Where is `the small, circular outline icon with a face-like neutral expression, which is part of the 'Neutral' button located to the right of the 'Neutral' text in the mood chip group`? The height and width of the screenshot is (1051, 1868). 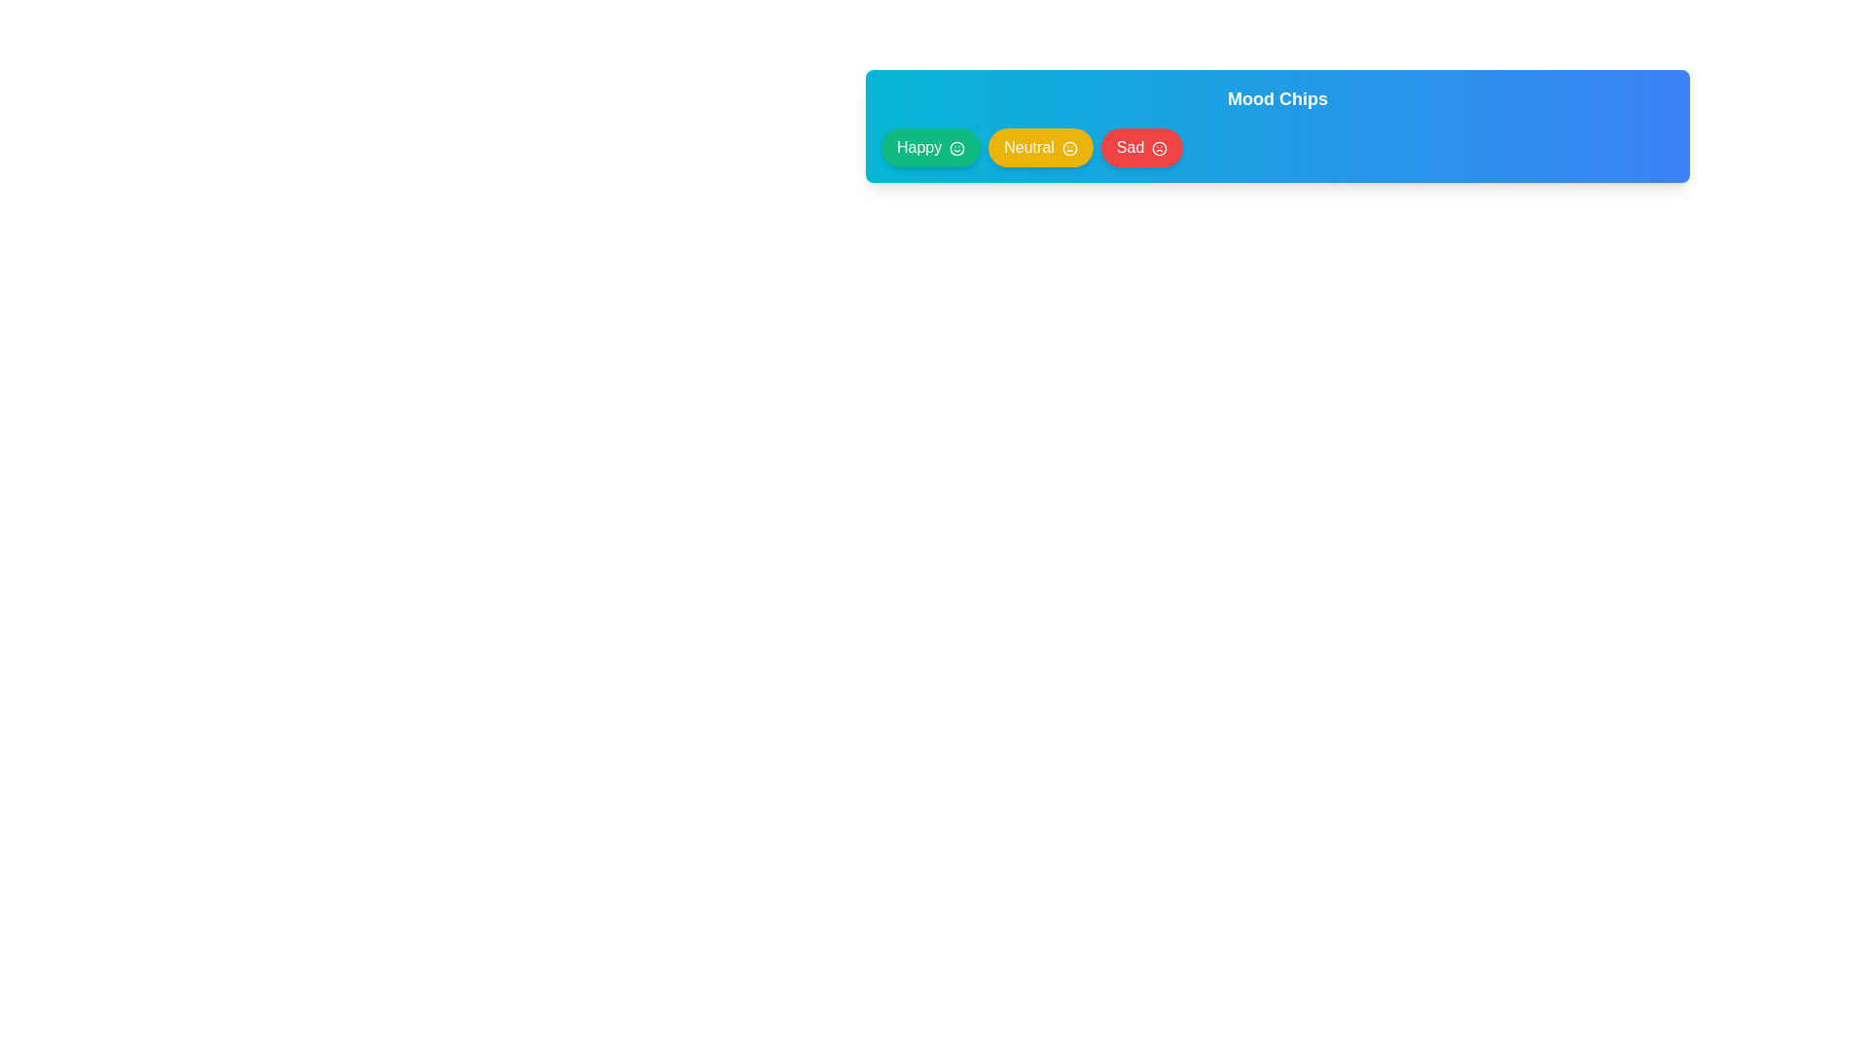
the small, circular outline icon with a face-like neutral expression, which is part of the 'Neutral' button located to the right of the 'Neutral' text in the mood chip group is located at coordinates (1068, 147).